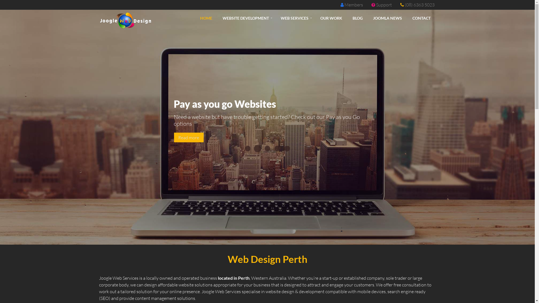 Image resolution: width=539 pixels, height=303 pixels. What do you see at coordinates (384, 4) in the screenshot?
I see `'Support'` at bounding box center [384, 4].